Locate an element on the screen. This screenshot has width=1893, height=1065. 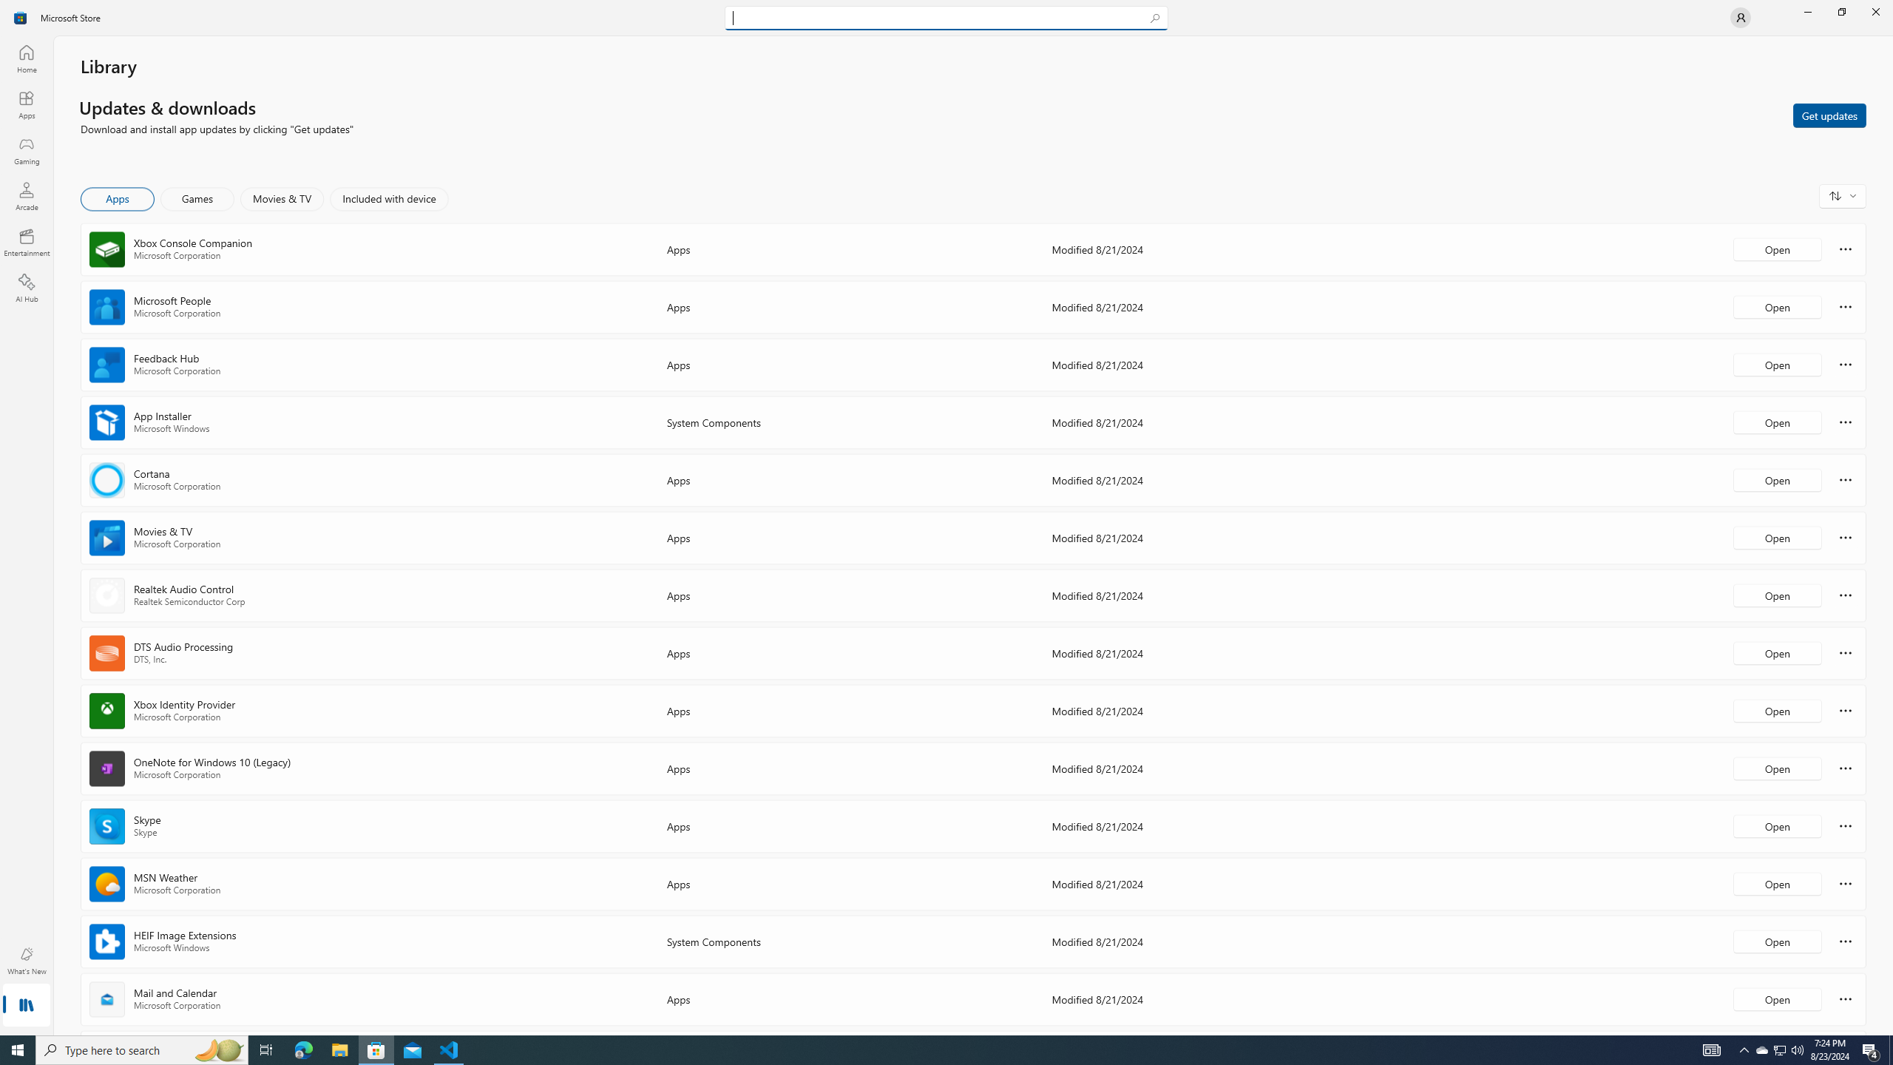
'Arcade' is located at coordinates (25, 195).